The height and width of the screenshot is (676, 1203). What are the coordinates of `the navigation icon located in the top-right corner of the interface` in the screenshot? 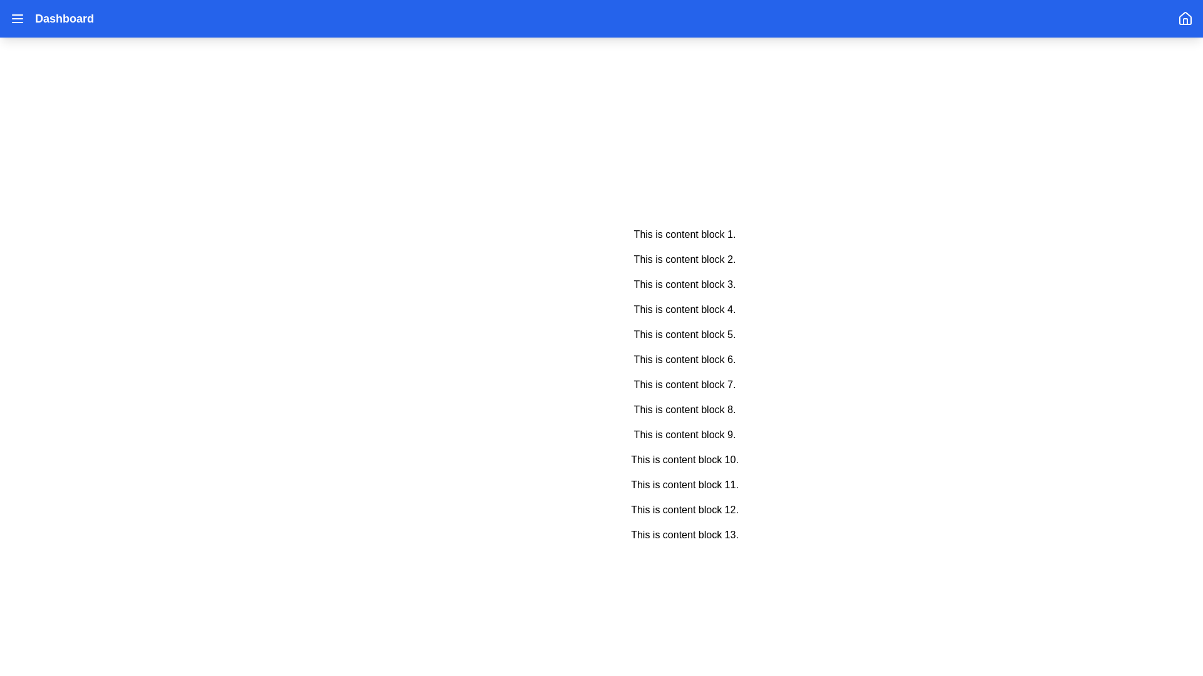 It's located at (1184, 19).